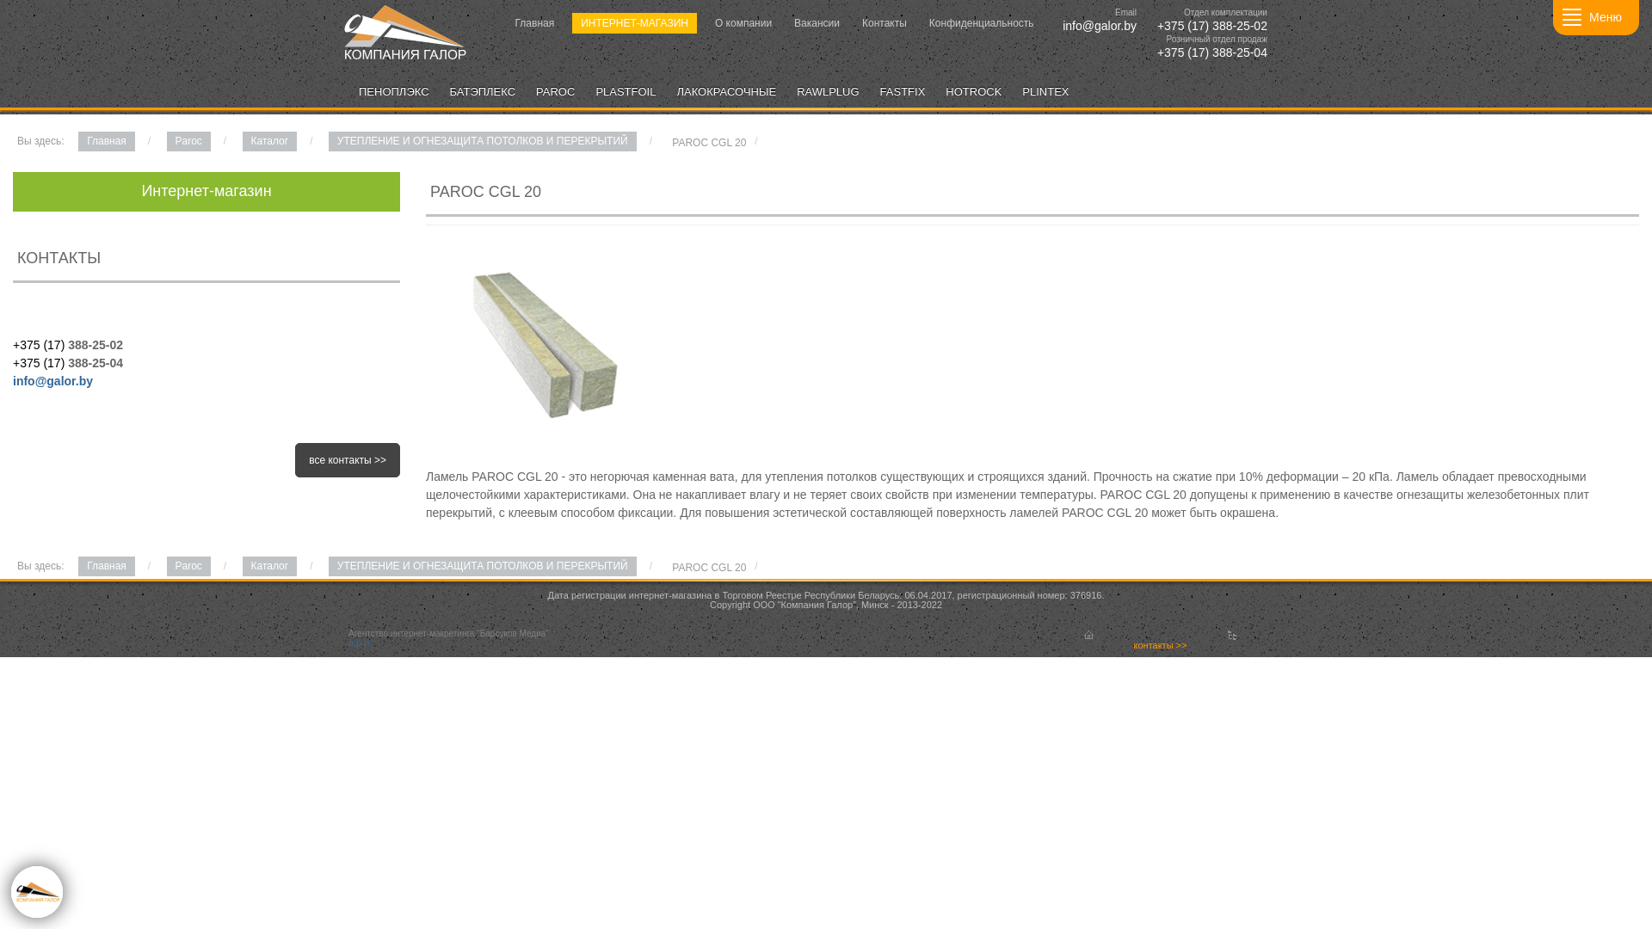 This screenshot has width=1652, height=929. Describe the element at coordinates (188, 566) in the screenshot. I see `'Paroc'` at that location.